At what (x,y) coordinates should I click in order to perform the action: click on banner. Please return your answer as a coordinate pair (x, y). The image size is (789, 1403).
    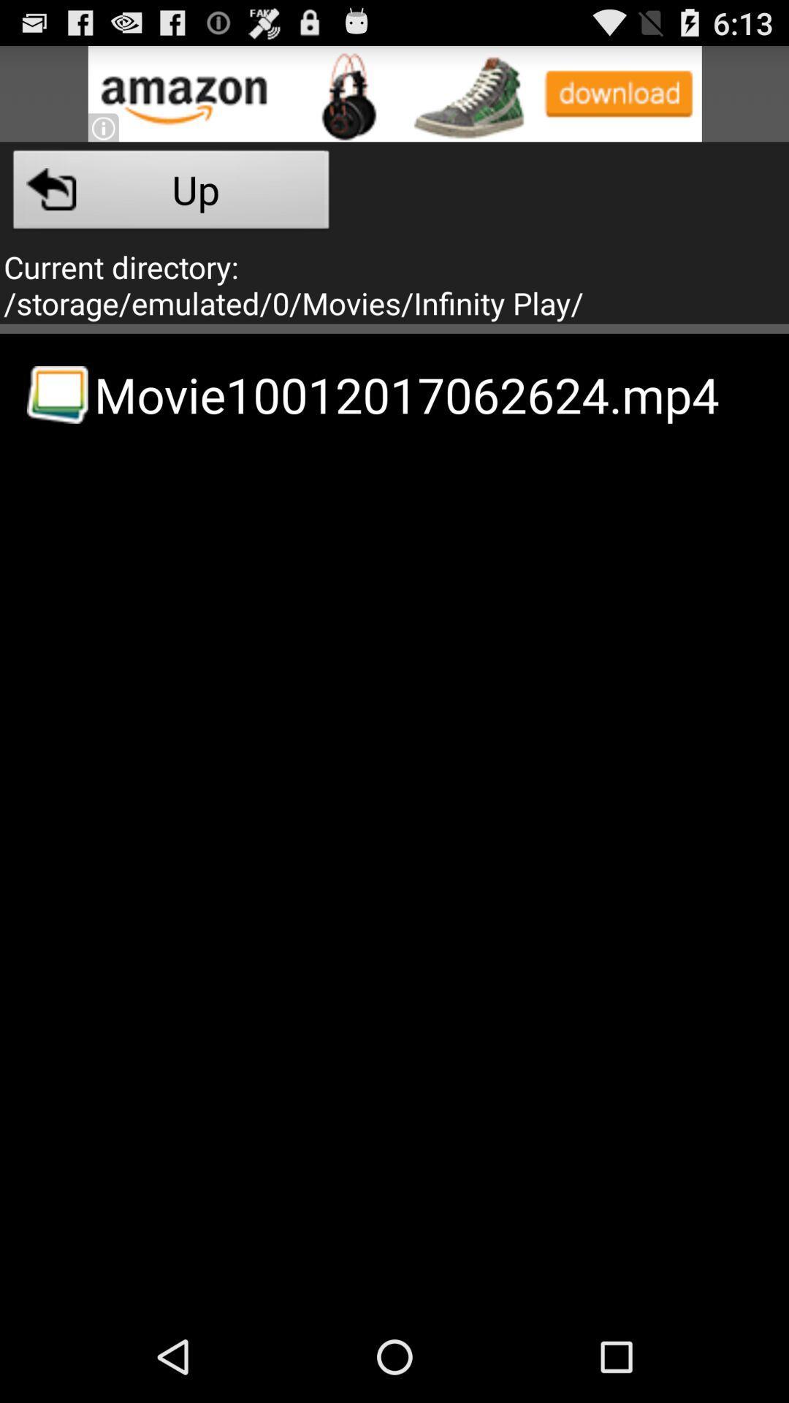
    Looking at the image, I should click on (394, 93).